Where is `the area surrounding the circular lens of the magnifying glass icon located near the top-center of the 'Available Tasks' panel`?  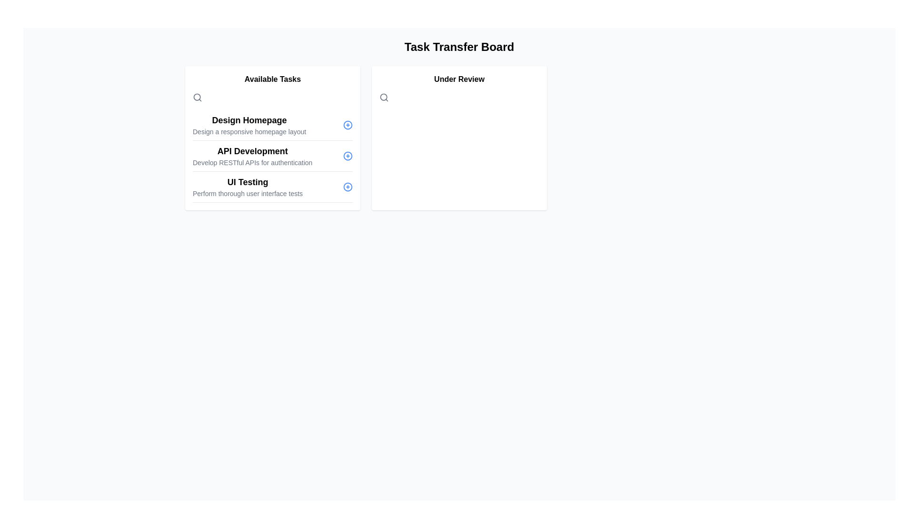
the area surrounding the circular lens of the magnifying glass icon located near the top-center of the 'Available Tasks' panel is located at coordinates (384, 97).